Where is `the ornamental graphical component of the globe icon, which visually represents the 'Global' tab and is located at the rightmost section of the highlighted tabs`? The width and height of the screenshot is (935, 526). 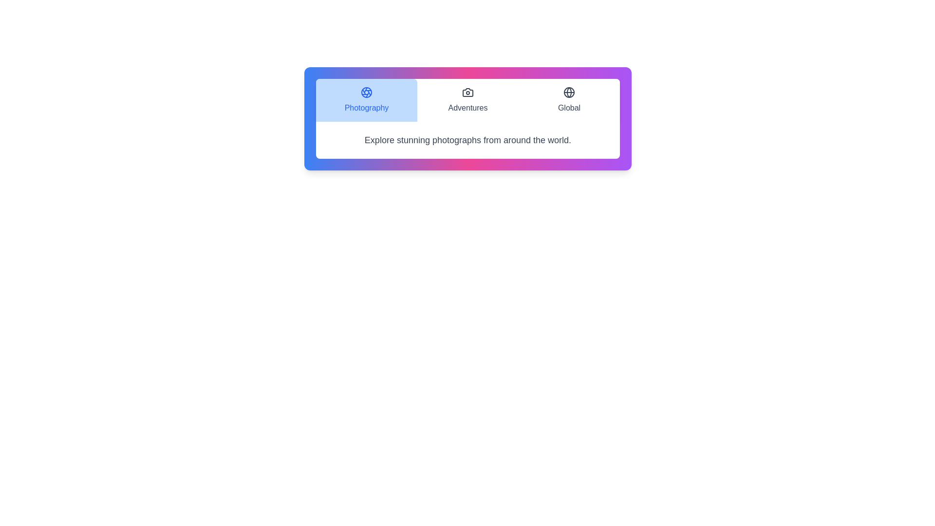
the ornamental graphical component of the globe icon, which visually represents the 'Global' tab and is located at the rightmost section of the highlighted tabs is located at coordinates (569, 92).